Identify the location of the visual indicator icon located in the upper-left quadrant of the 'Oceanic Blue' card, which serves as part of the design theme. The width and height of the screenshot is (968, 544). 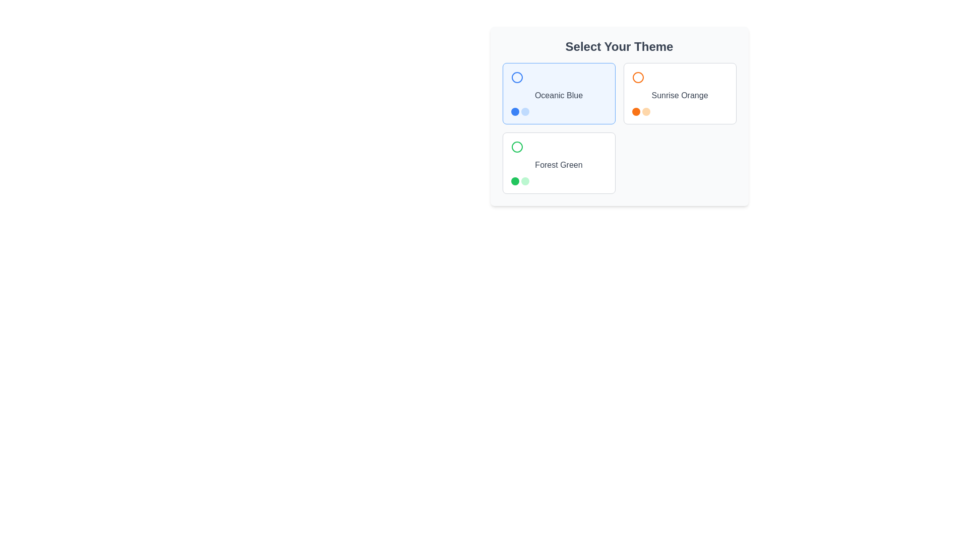
(517, 77).